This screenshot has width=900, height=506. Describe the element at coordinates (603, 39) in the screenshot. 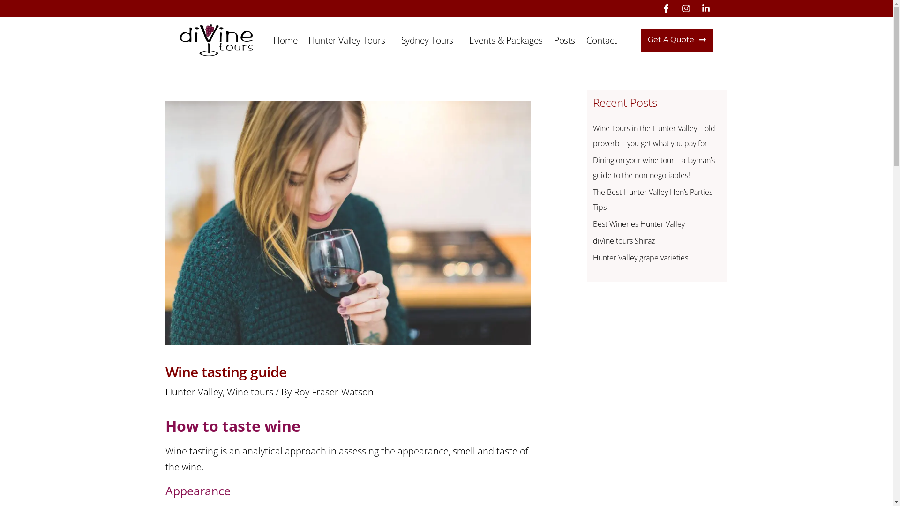

I see `'Contact'` at that location.